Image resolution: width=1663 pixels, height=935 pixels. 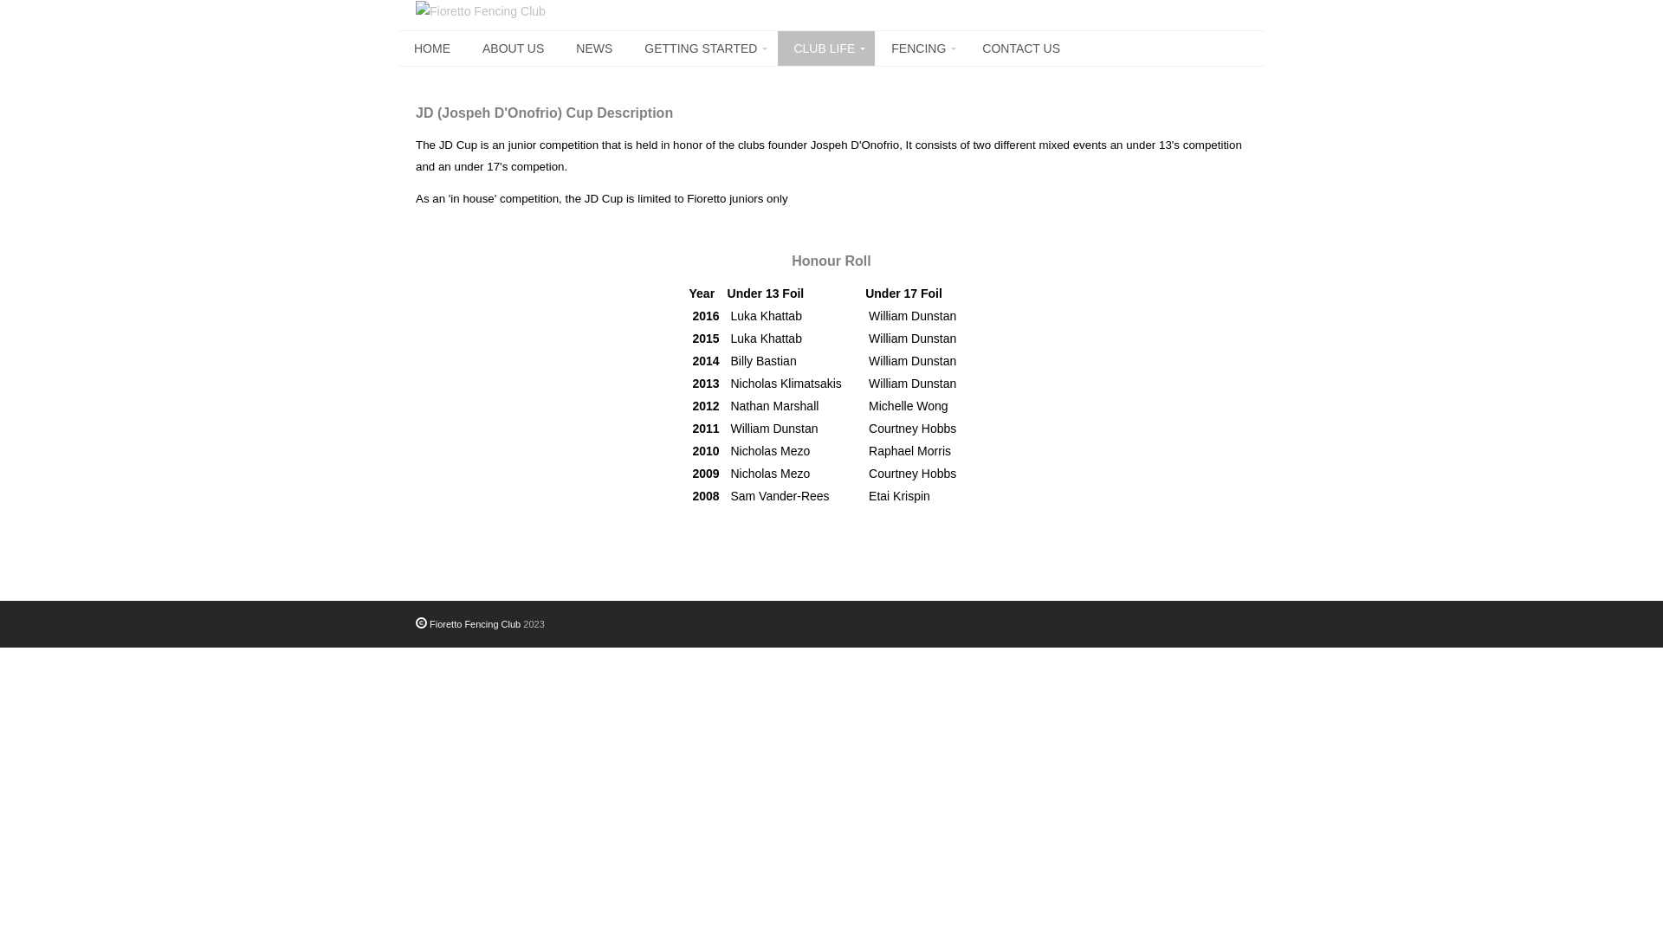 I want to click on 'Fioretto Fencing Club', so click(x=468, y=624).